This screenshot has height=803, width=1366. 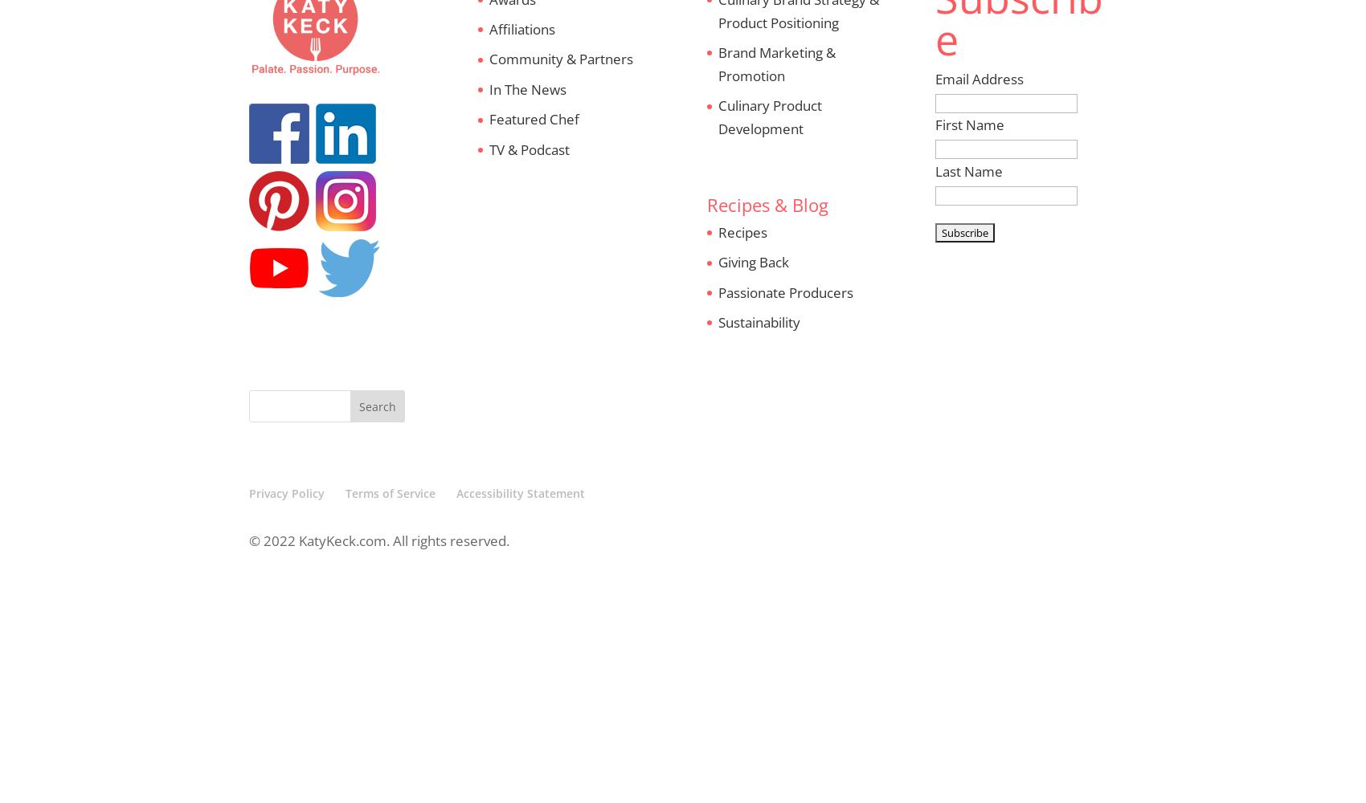 I want to click on 'Culinary Product Development', so click(x=768, y=117).